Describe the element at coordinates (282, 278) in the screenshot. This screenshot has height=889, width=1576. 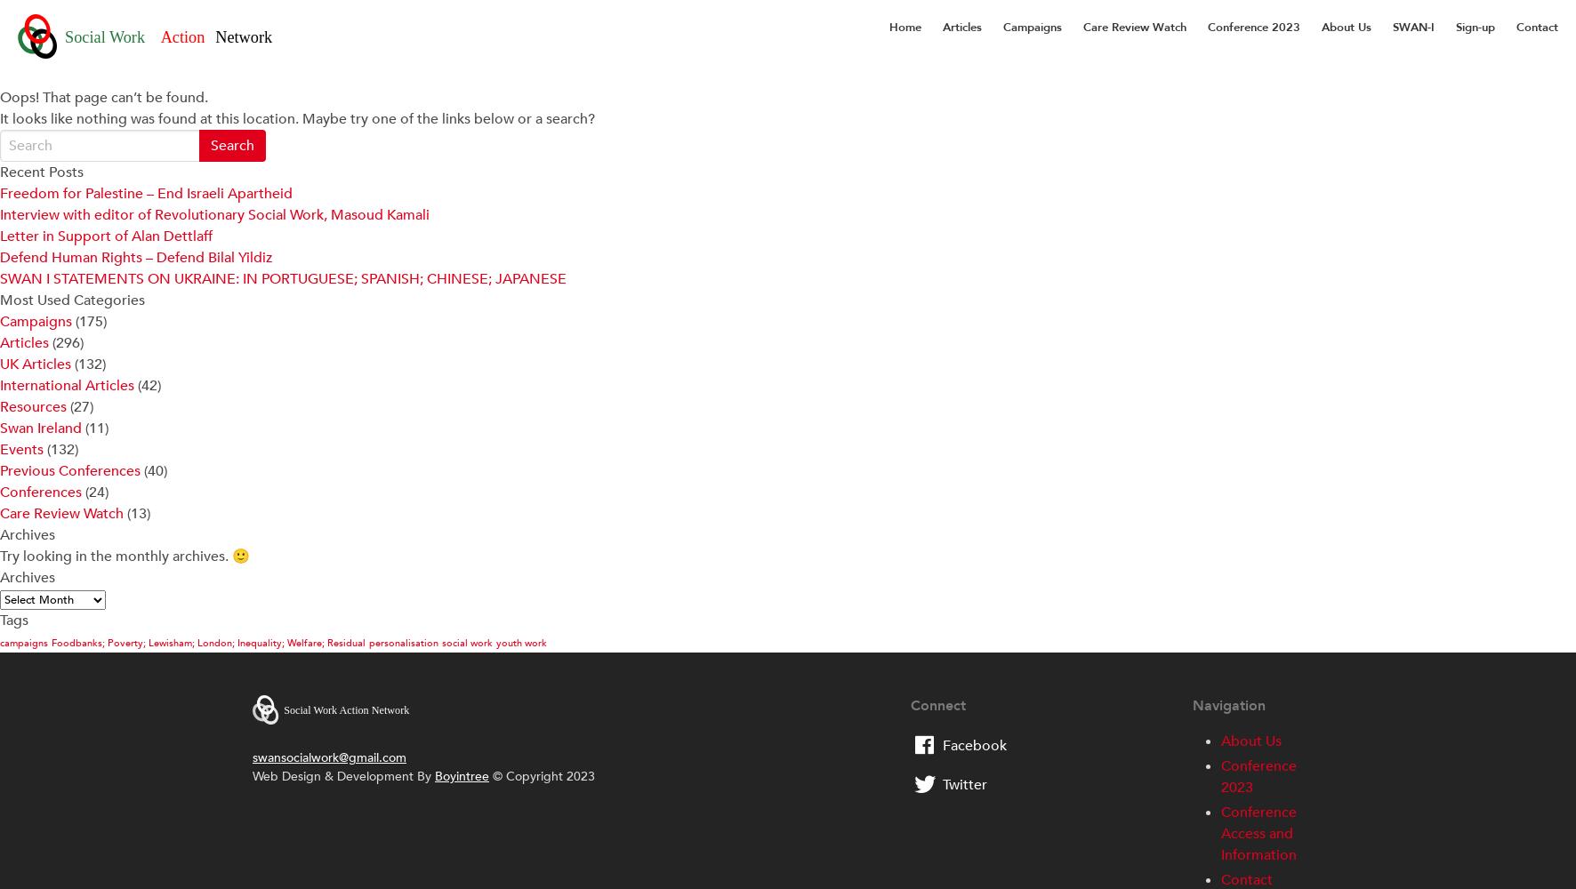
I see `'SWAN I STATEMENTS ON UKRAINE: IN PORTUGUESE; SPANISH; CHINESE; JAPANESE'` at that location.